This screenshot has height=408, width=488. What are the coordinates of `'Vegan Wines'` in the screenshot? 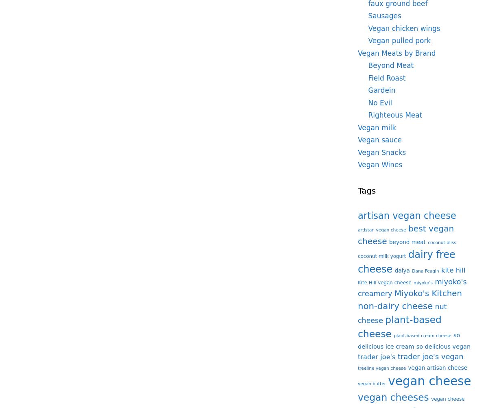 It's located at (380, 165).